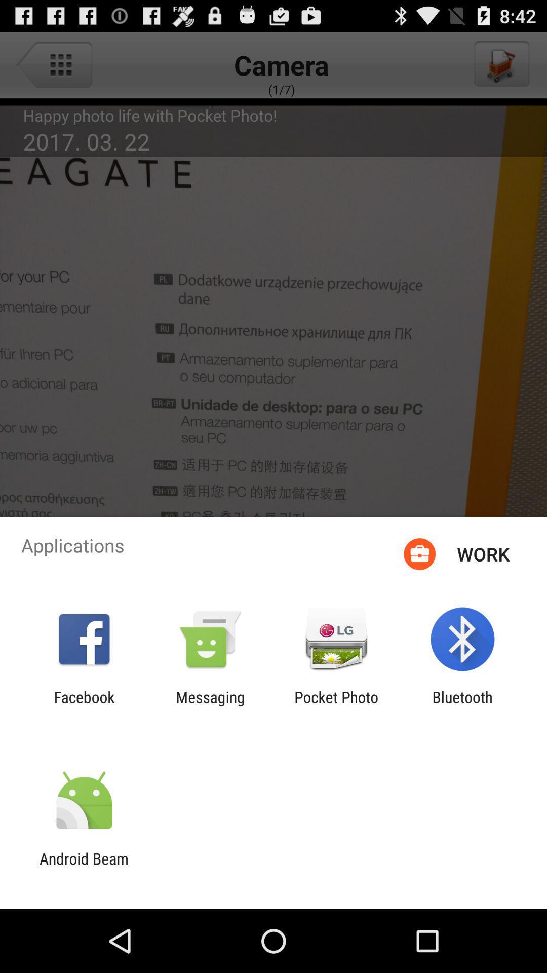  Describe the element at coordinates (462, 705) in the screenshot. I see `item to the right of pocket photo app` at that location.